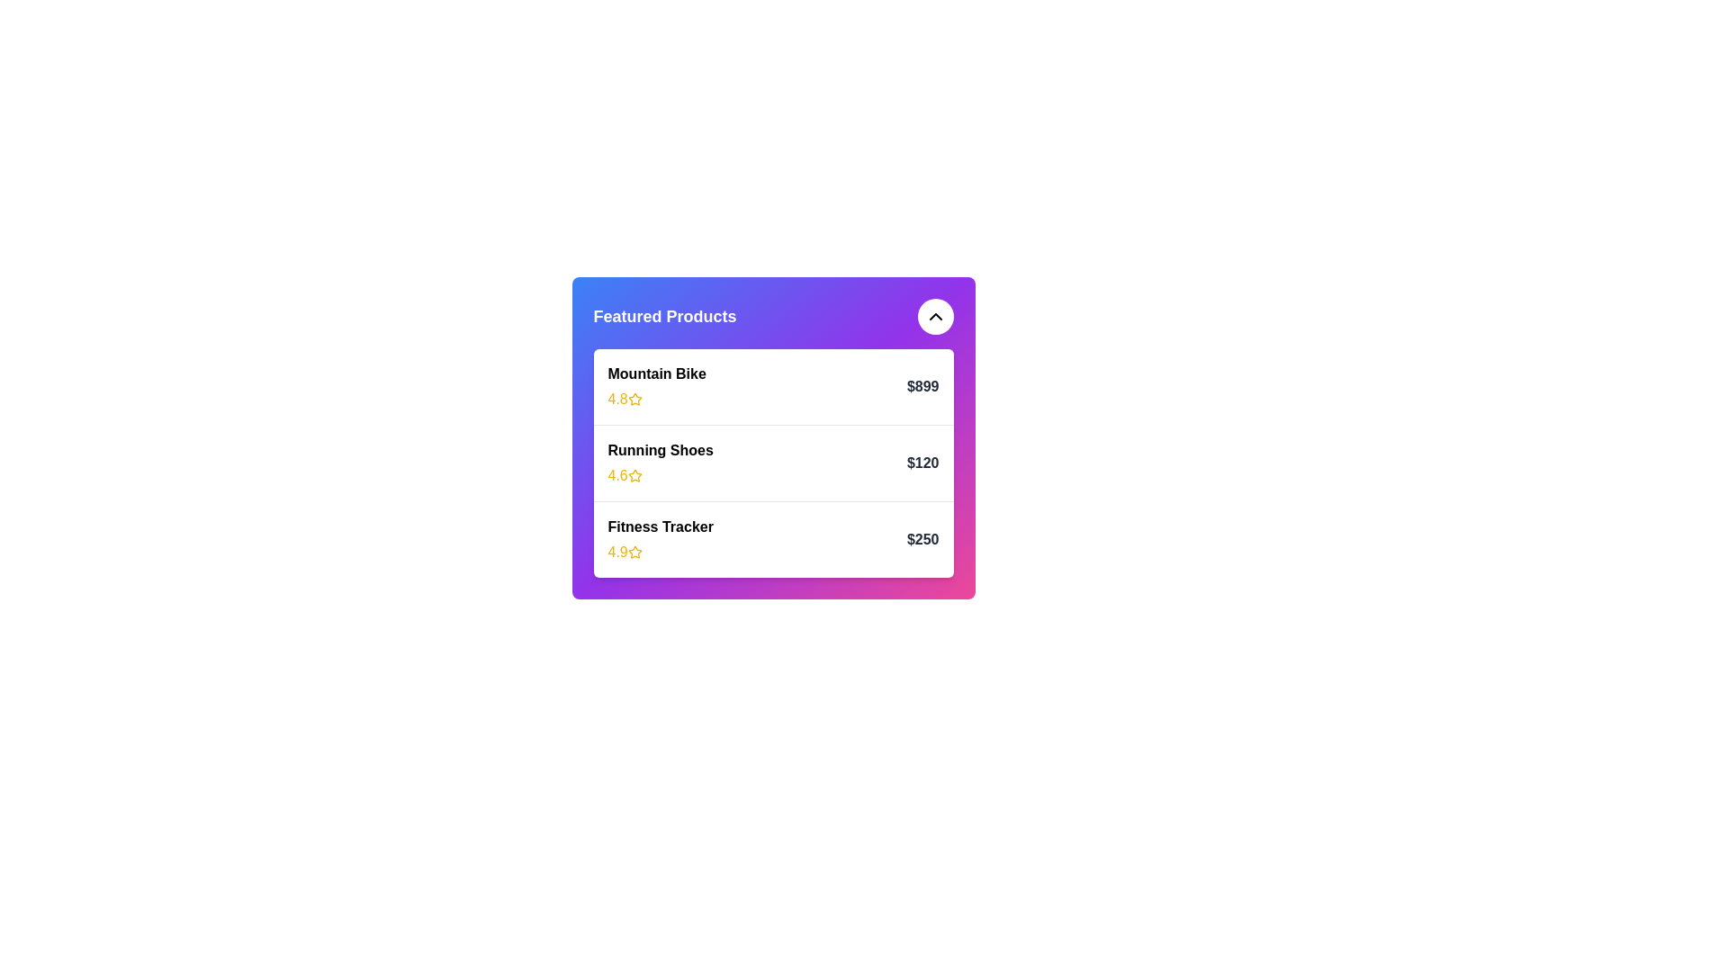 Image resolution: width=1728 pixels, height=972 pixels. I want to click on the 'Running Shoes' list item within the 'Featured Products' card layout, so click(773, 462).